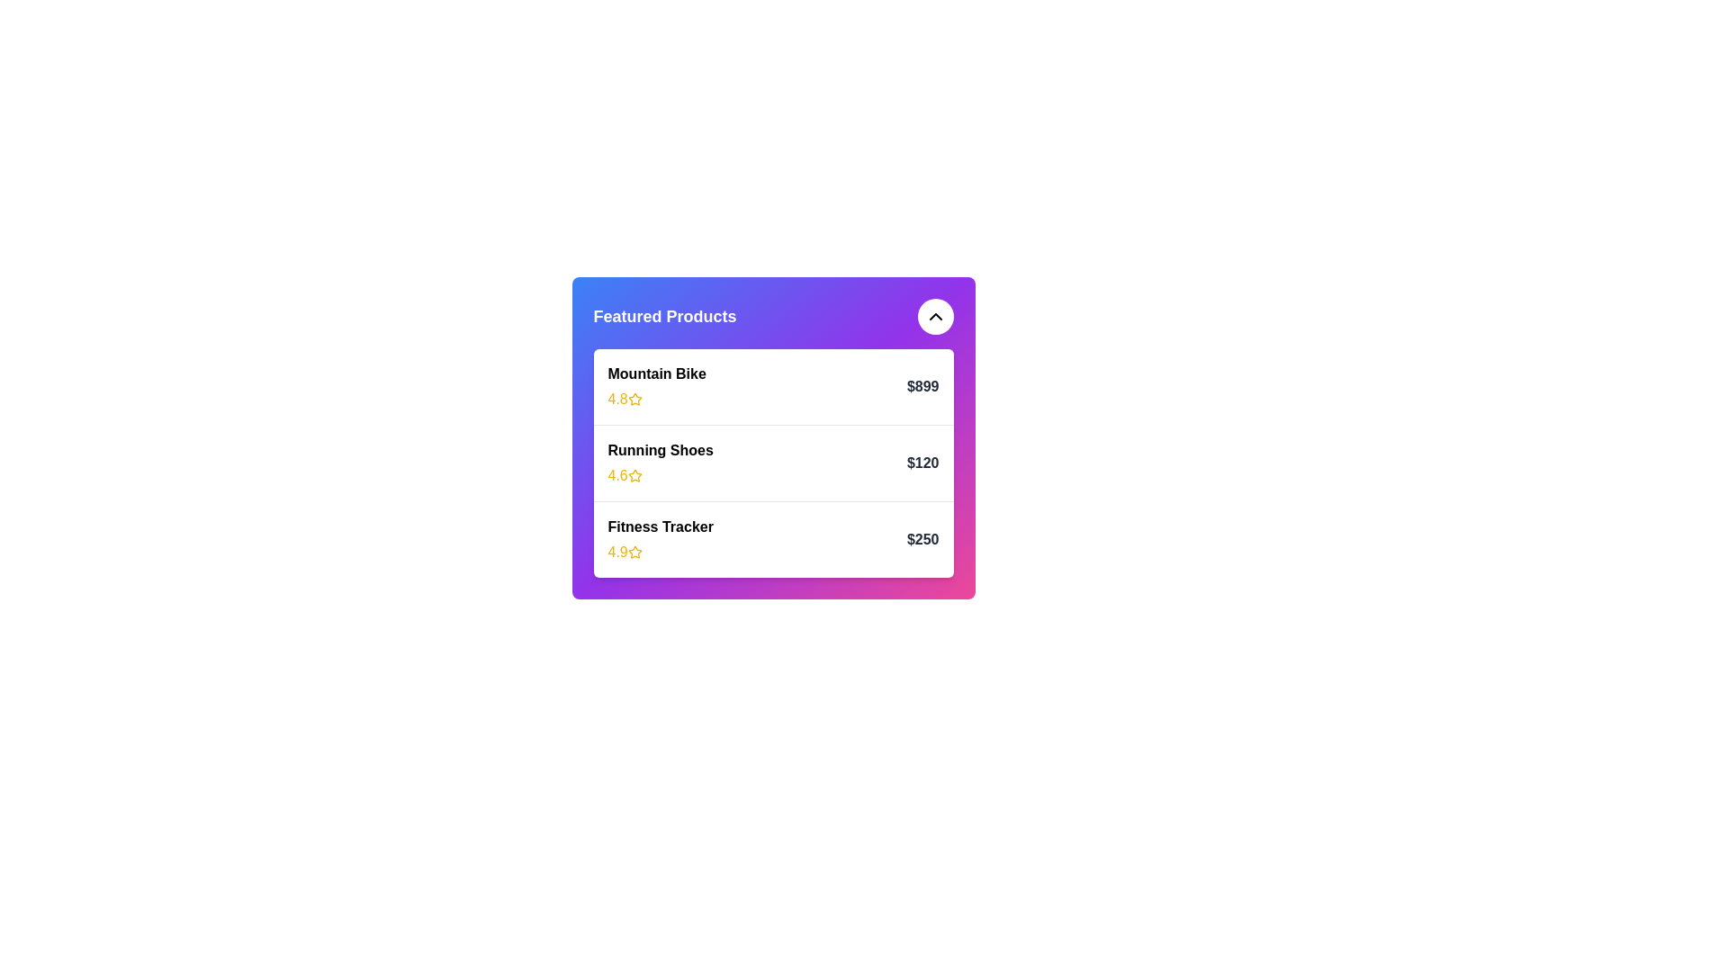 Image resolution: width=1728 pixels, height=972 pixels. I want to click on the 'Running Shoes' list item within the 'Featured Products' card layout, so click(773, 462).